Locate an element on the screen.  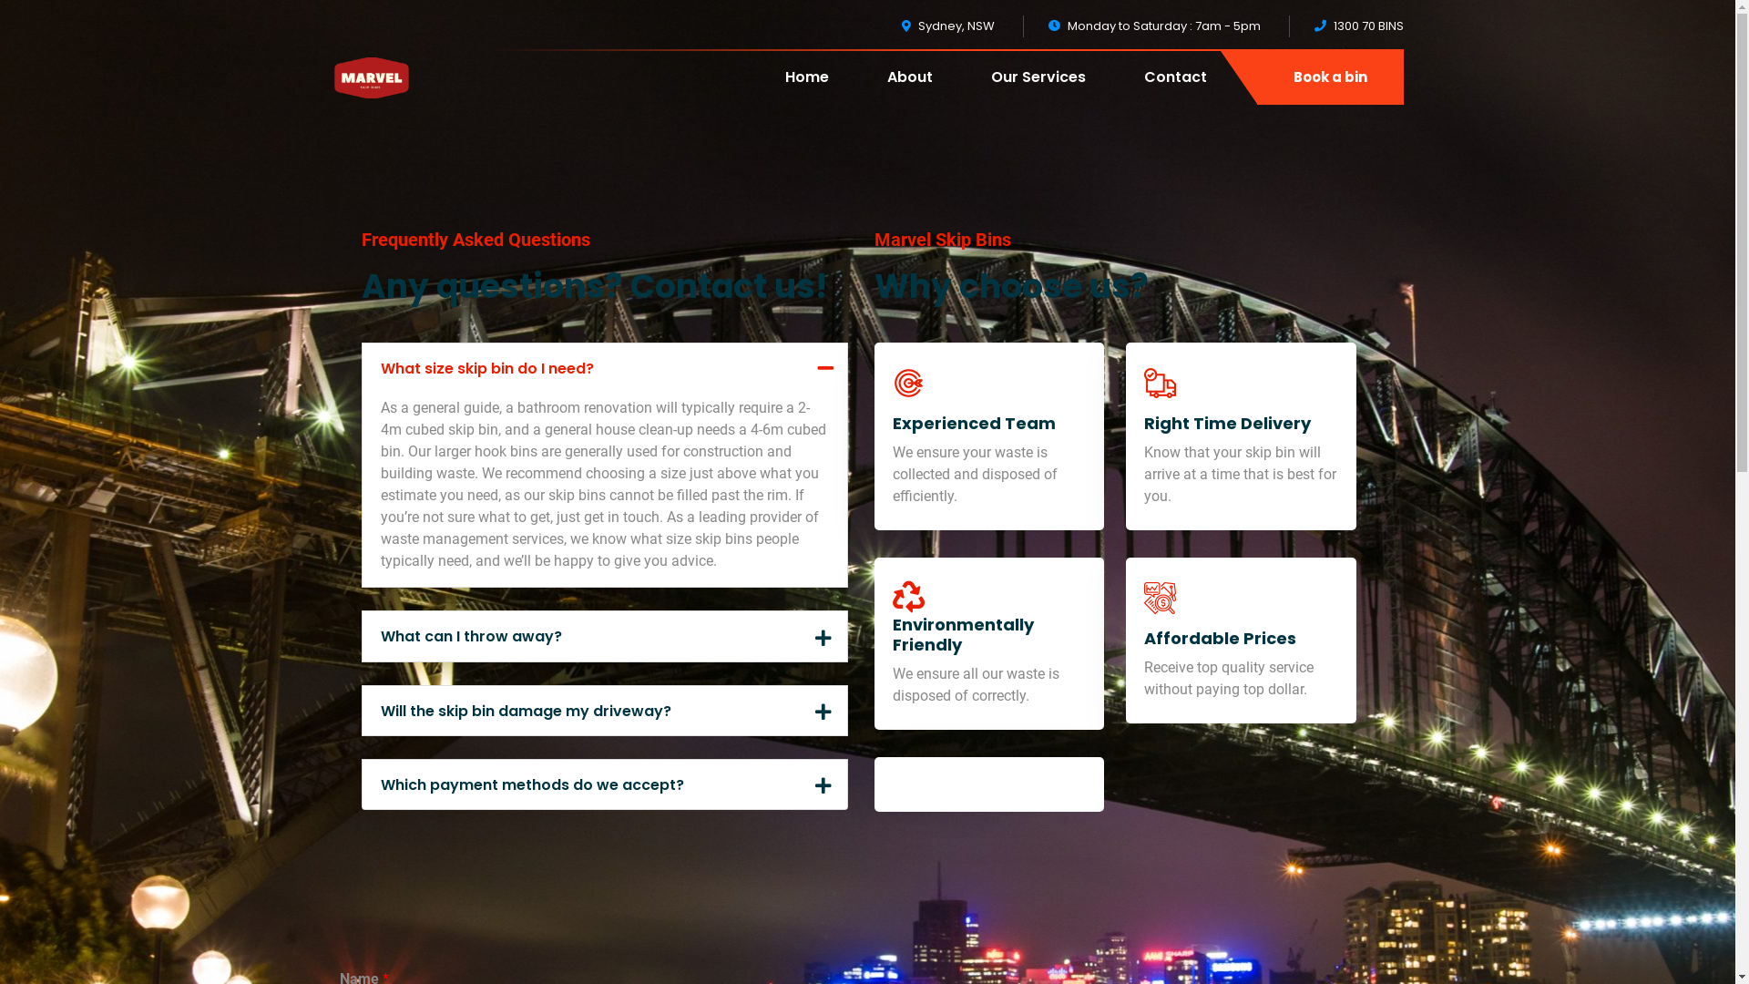
'What size skip bin do I need?' is located at coordinates (604, 368).